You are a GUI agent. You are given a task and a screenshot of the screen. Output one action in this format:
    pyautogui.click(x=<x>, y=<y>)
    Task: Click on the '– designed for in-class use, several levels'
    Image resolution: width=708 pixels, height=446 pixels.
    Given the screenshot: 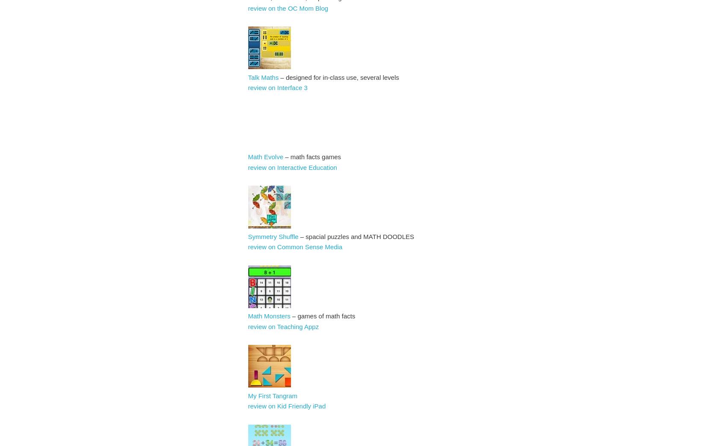 What is the action you would take?
    pyautogui.click(x=279, y=77)
    